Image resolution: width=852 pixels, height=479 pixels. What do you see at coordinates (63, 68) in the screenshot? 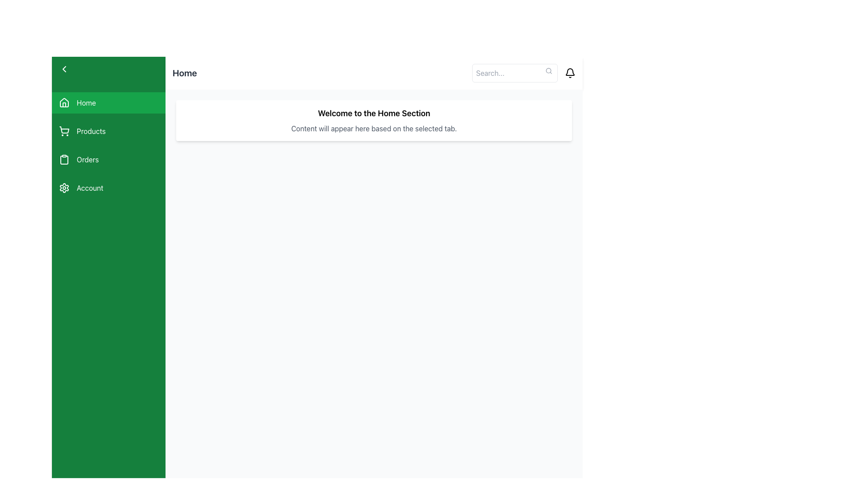
I see `the navigation icon located at the top-left corner of the interface in the sidebar` at bounding box center [63, 68].